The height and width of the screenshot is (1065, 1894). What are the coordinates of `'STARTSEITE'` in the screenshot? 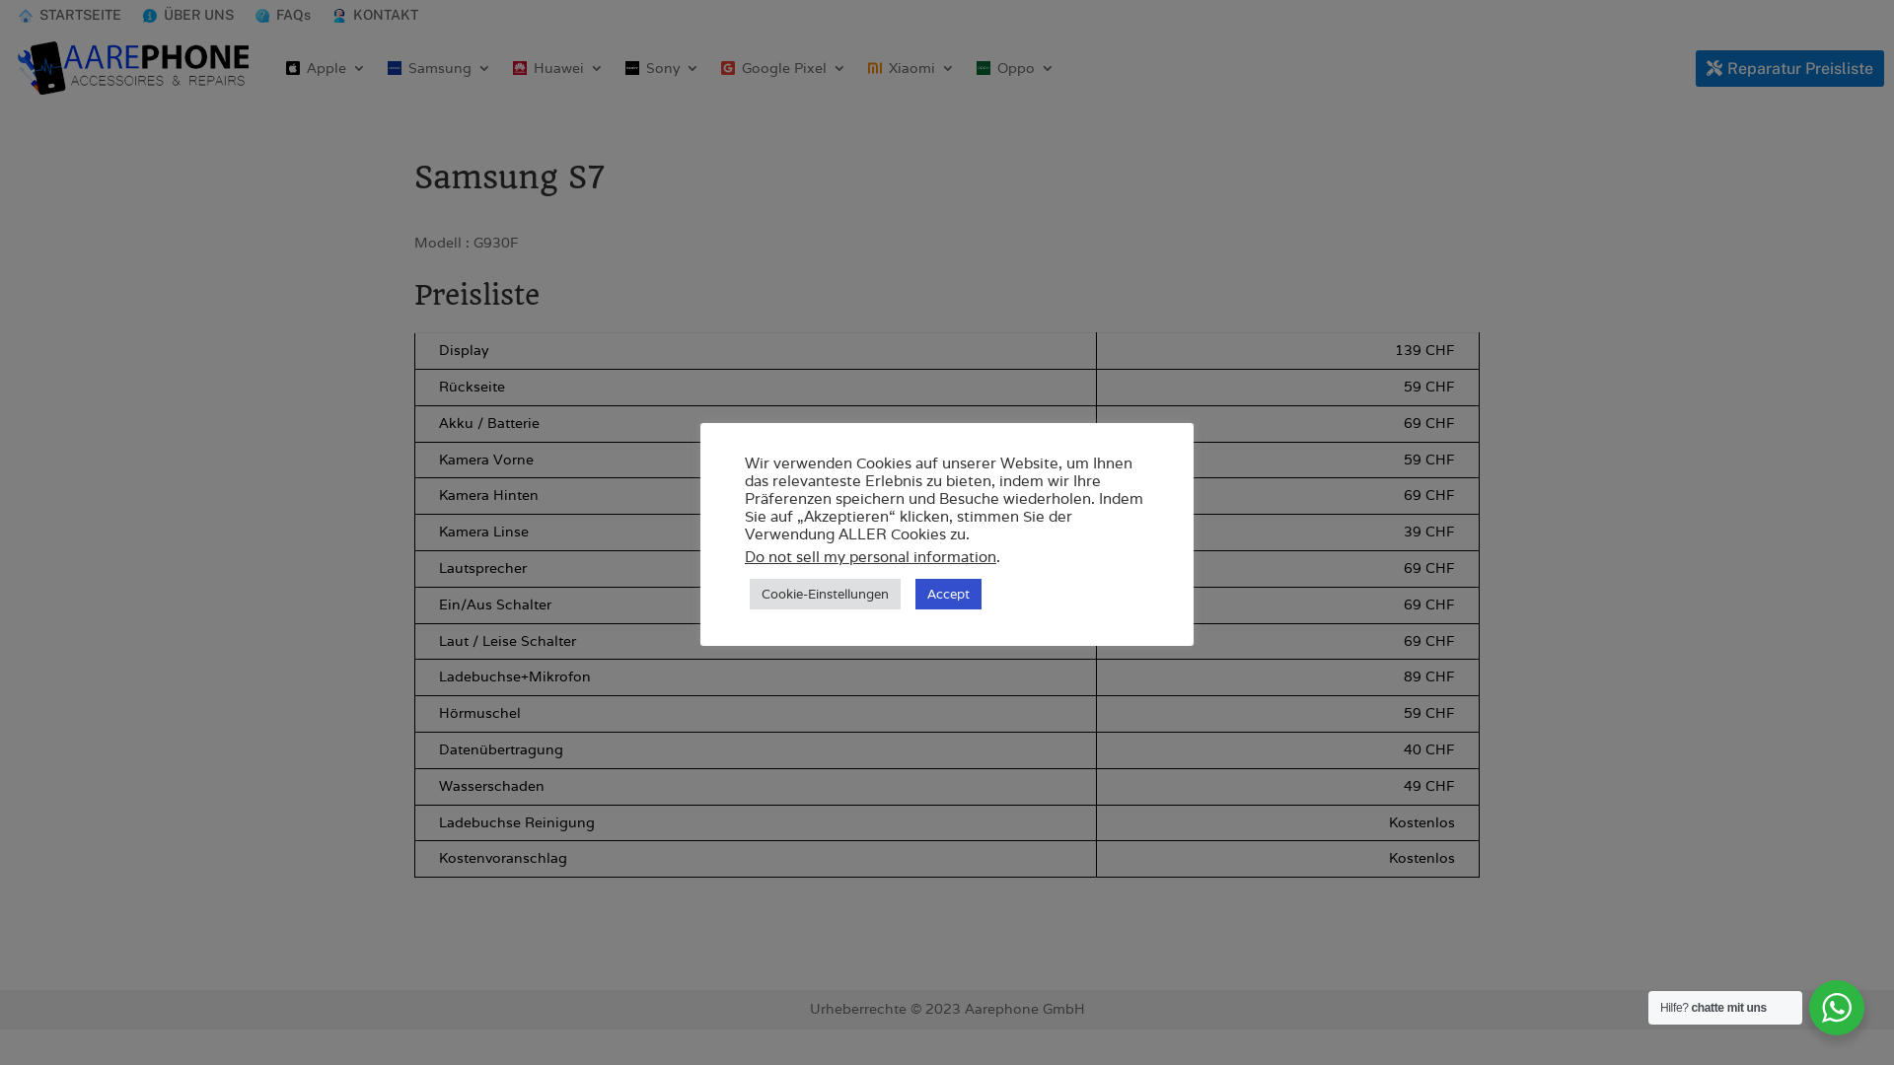 It's located at (70, 19).